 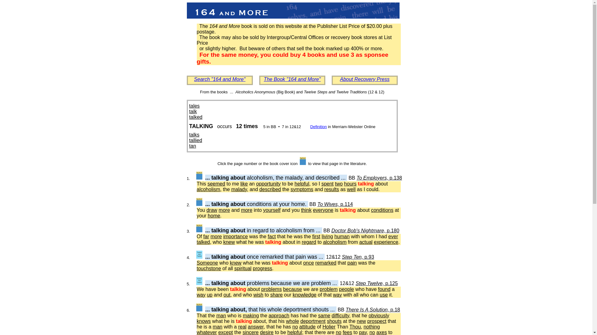 What do you see at coordinates (352, 263) in the screenshot?
I see `'pain'` at bounding box center [352, 263].